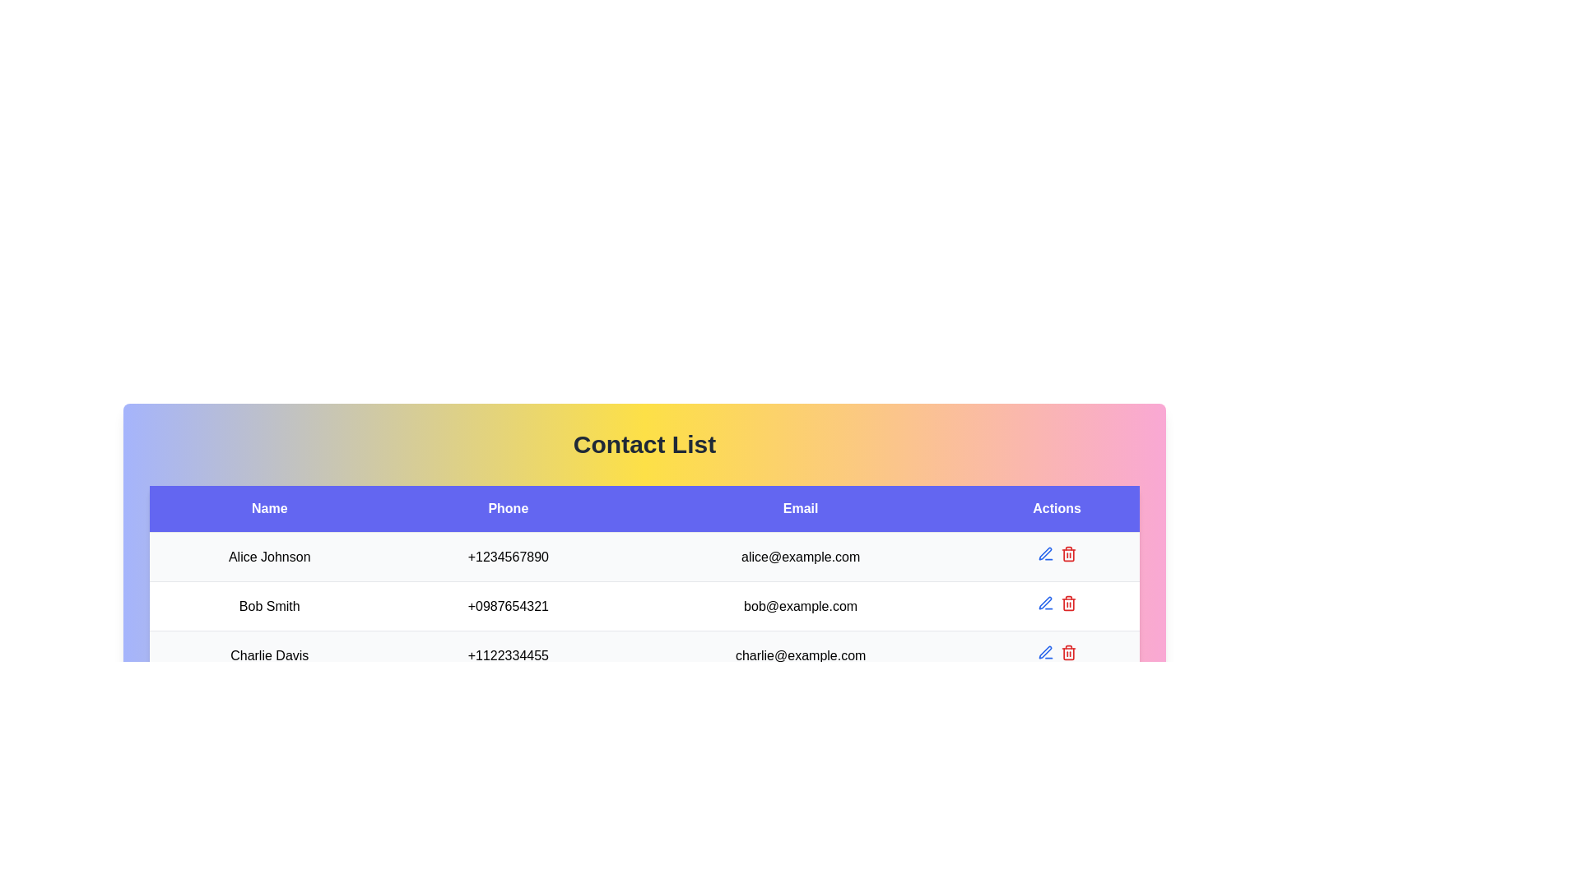 The image size is (1580, 888). Describe the element at coordinates (644, 606) in the screenshot. I see `contact information displayed in the second row of the table, which includes 'Bob Smith', '+0987654321', and 'bob@example.com'` at that location.